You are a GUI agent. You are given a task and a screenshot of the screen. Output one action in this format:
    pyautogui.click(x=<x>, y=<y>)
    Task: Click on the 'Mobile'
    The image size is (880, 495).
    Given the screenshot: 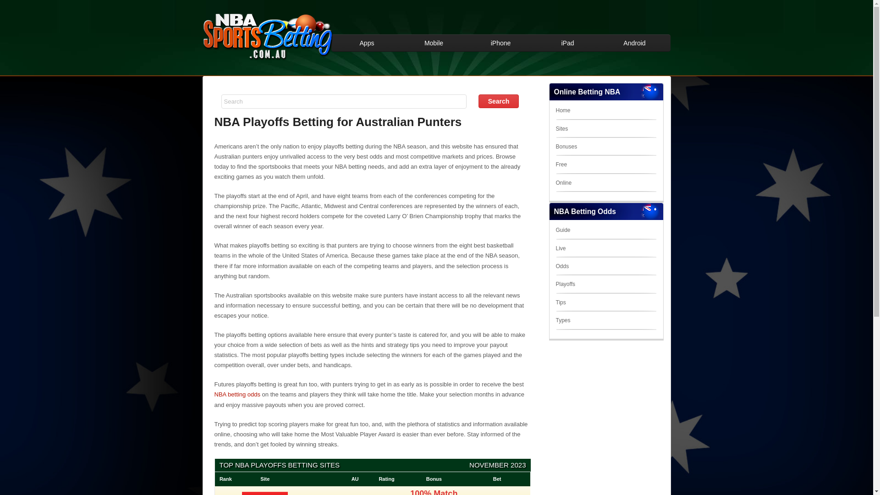 What is the action you would take?
    pyautogui.click(x=433, y=43)
    